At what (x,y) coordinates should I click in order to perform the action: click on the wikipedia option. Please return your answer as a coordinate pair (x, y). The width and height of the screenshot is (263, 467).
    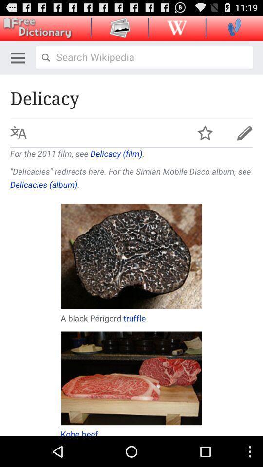
    Looking at the image, I should click on (176, 27).